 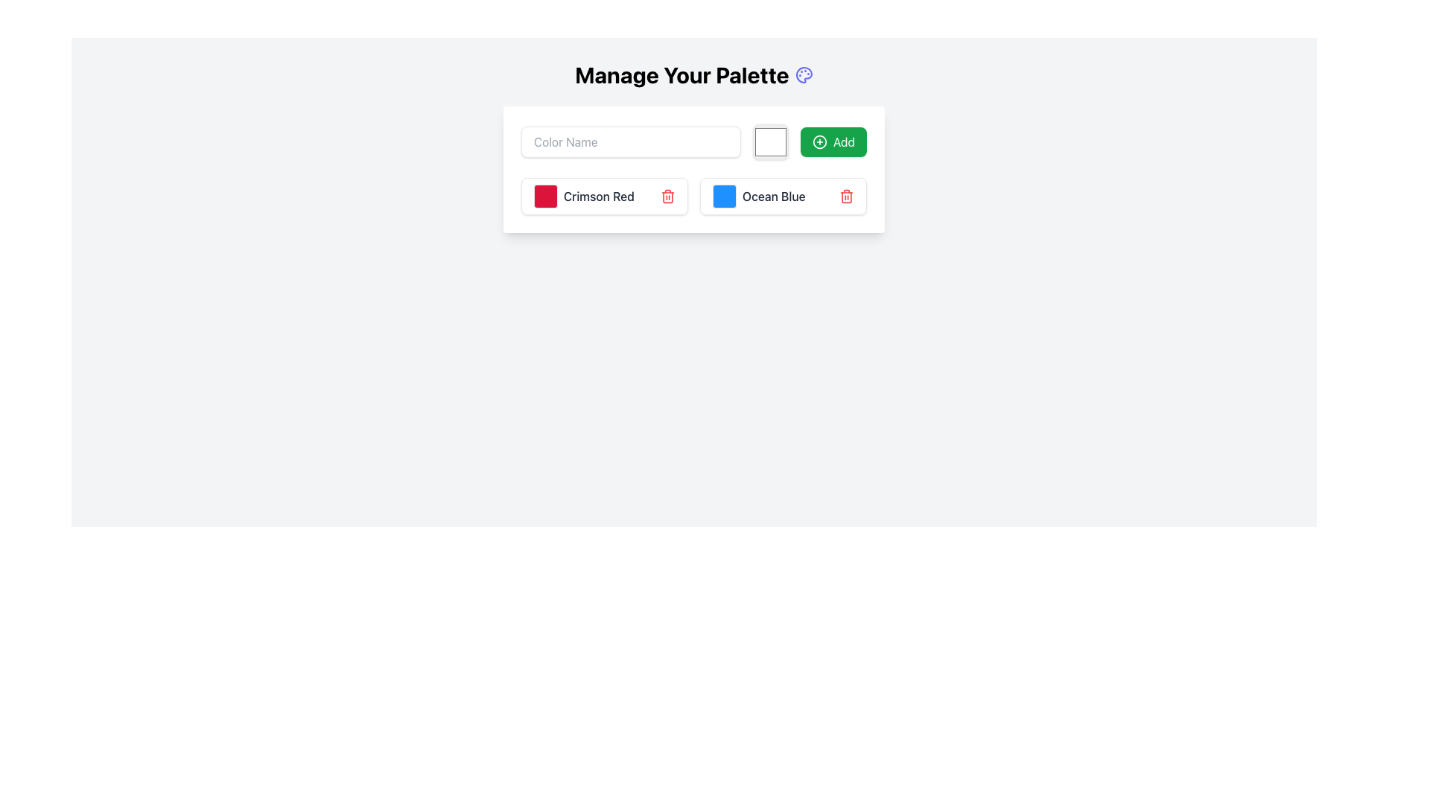 What do you see at coordinates (774, 195) in the screenshot?
I see `the color associated with the text label 'Ocean Blue' by clicking on it in the color list section of the 'Manage Your Palette' interface` at bounding box center [774, 195].